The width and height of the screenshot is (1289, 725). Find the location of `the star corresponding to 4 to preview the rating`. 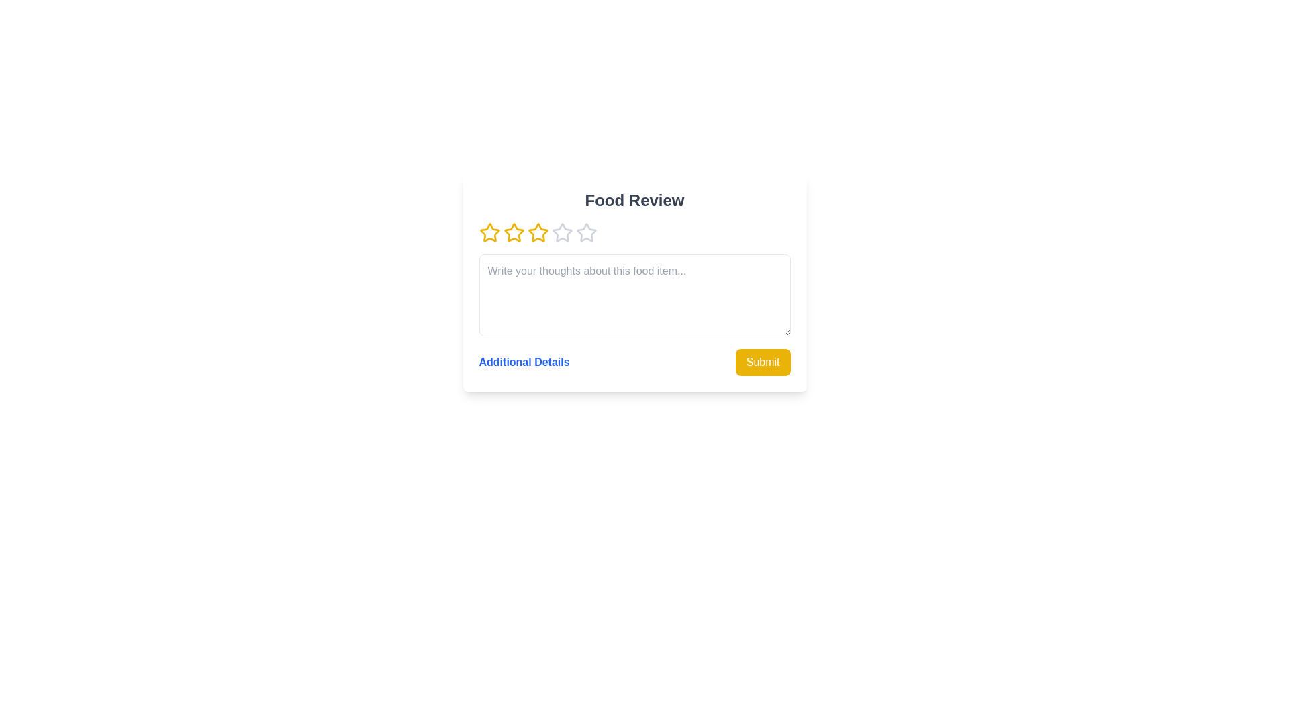

the star corresponding to 4 to preview the rating is located at coordinates (562, 232).